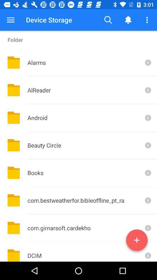 Image resolution: width=157 pixels, height=280 pixels. I want to click on information, so click(147, 90).